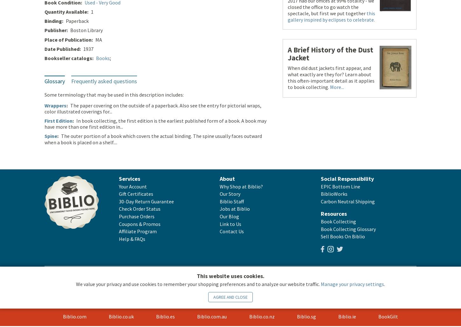  What do you see at coordinates (219, 194) in the screenshot?
I see `'Our Story'` at bounding box center [219, 194].